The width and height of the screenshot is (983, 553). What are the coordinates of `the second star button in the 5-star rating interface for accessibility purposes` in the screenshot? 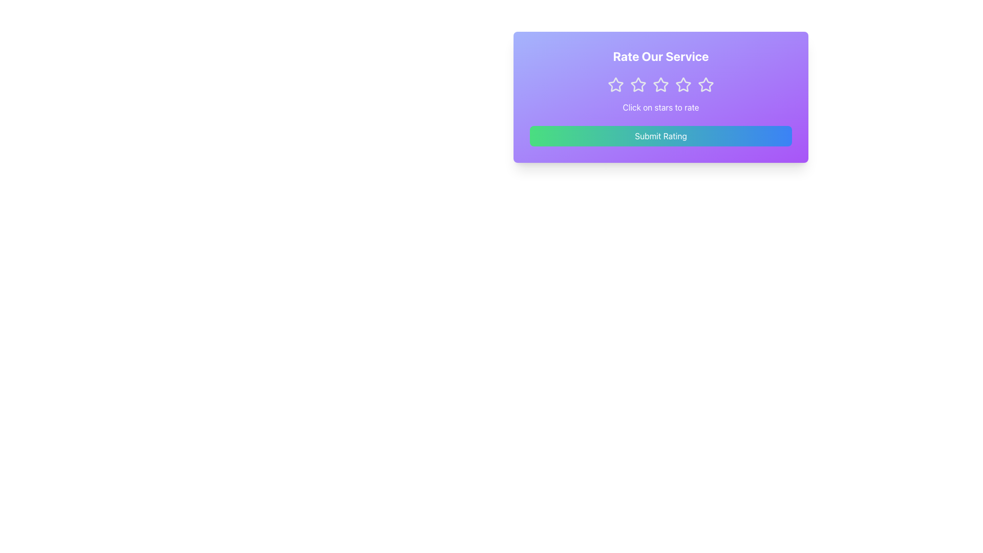 It's located at (638, 84).